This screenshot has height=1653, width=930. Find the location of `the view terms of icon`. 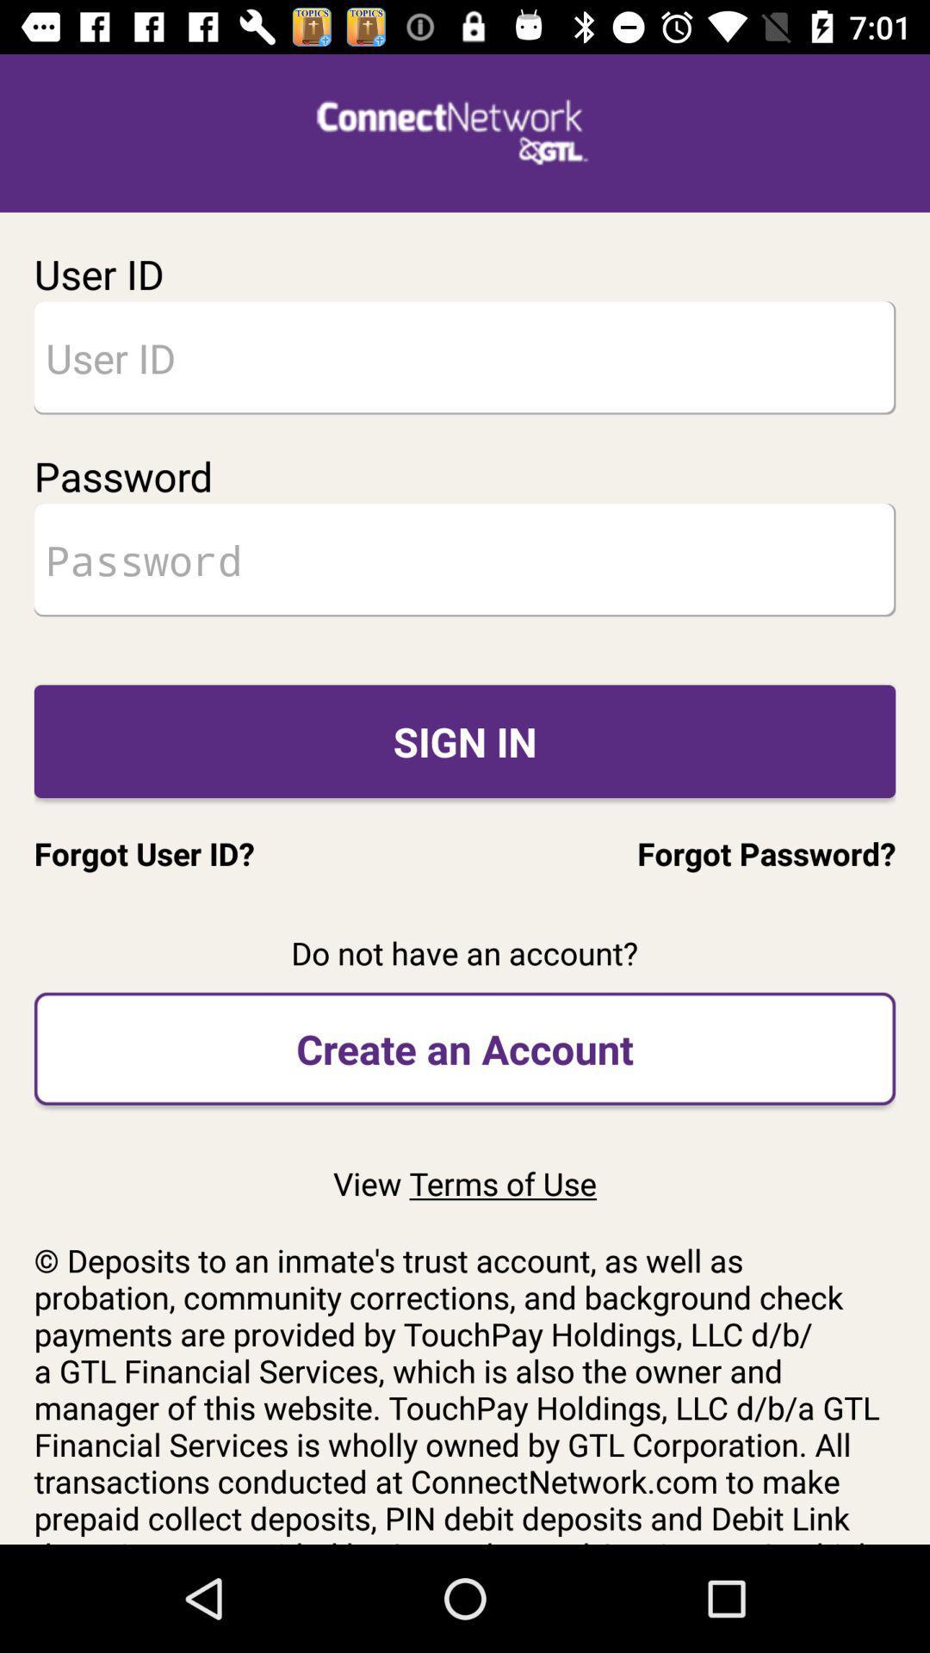

the view terms of icon is located at coordinates (465, 1182).